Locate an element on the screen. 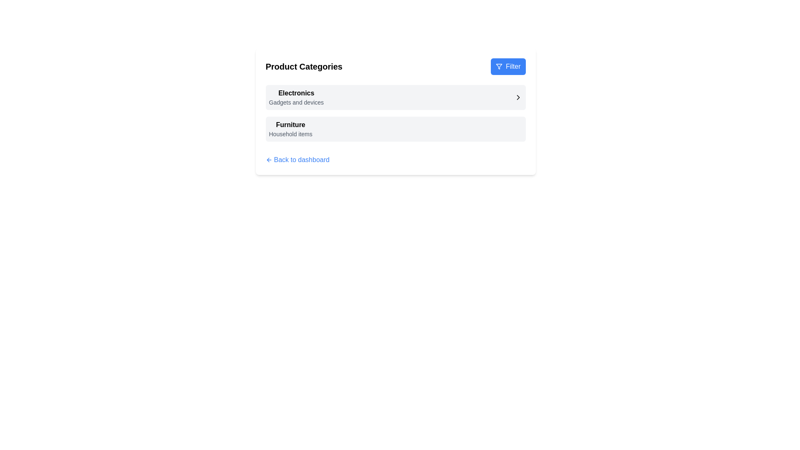  the Text Label element displaying 'Electronics' which includes a bolded word and a smaller gray text 'Gadgets and devices', located on the left side of a card in the 'Product Categories' list is located at coordinates (296, 97).